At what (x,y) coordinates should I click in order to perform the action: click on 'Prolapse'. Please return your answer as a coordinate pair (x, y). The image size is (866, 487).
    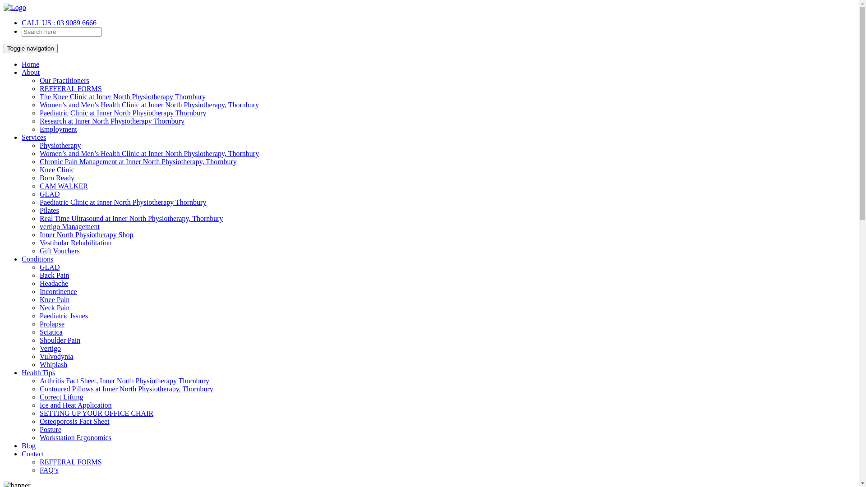
    Looking at the image, I should click on (51, 323).